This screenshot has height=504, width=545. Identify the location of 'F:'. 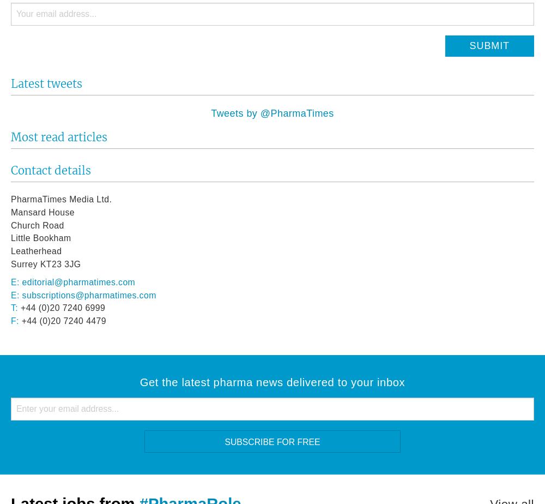
(11, 321).